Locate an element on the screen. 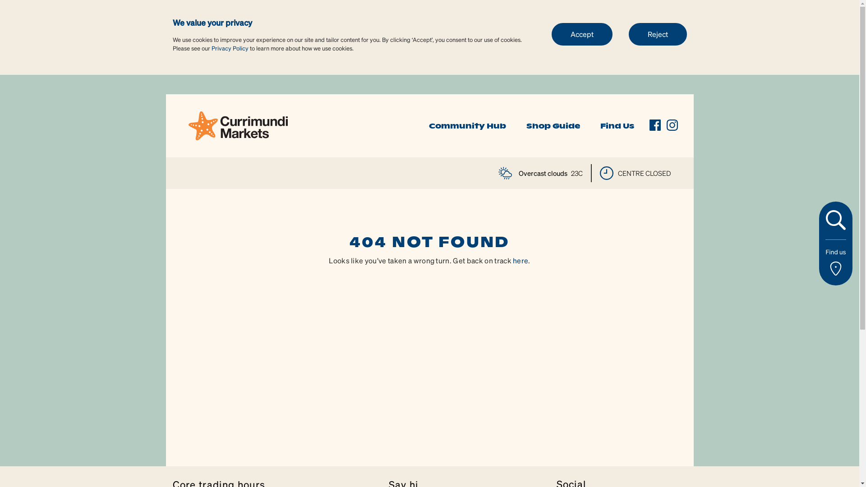 This screenshot has width=866, height=487. 'CENTRE CLOSED' is located at coordinates (635, 173).